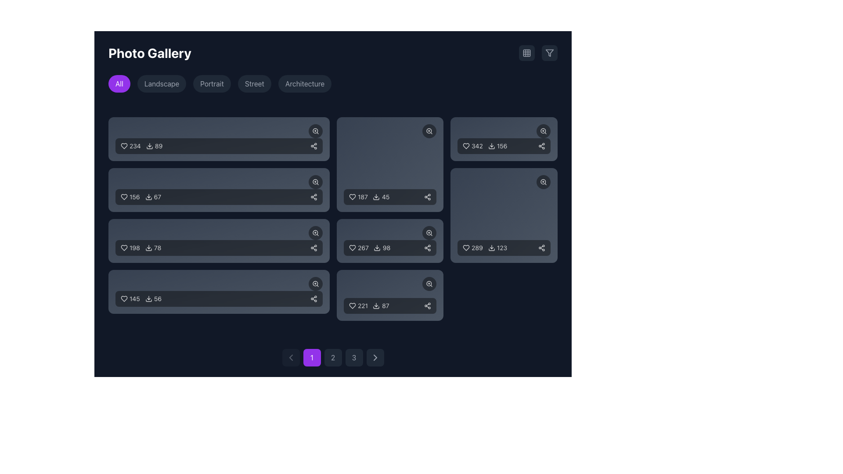  I want to click on the heart-shaped icon with a thin outline, stylized and hollow in the center, located on the left side of the fourth card in the main content grid, so click(124, 298).